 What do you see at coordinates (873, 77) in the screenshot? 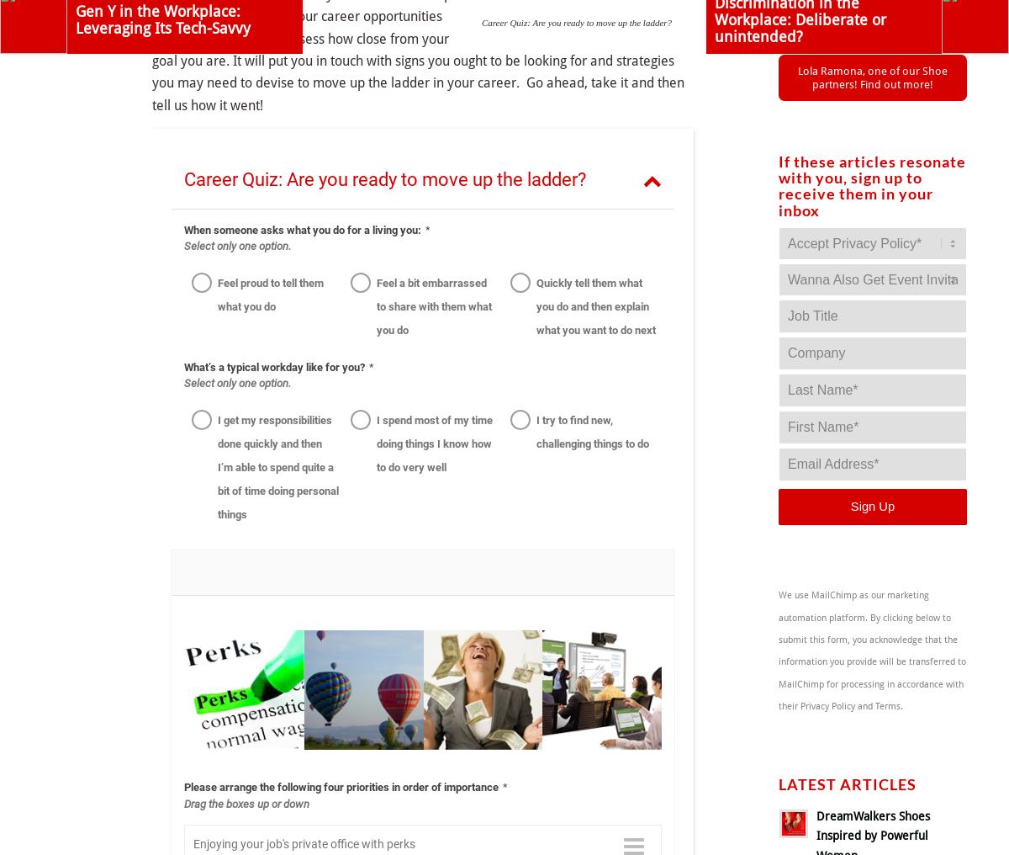
I see `'Lola Ramona, one of our Shoe partners! Find out more!'` at bounding box center [873, 77].